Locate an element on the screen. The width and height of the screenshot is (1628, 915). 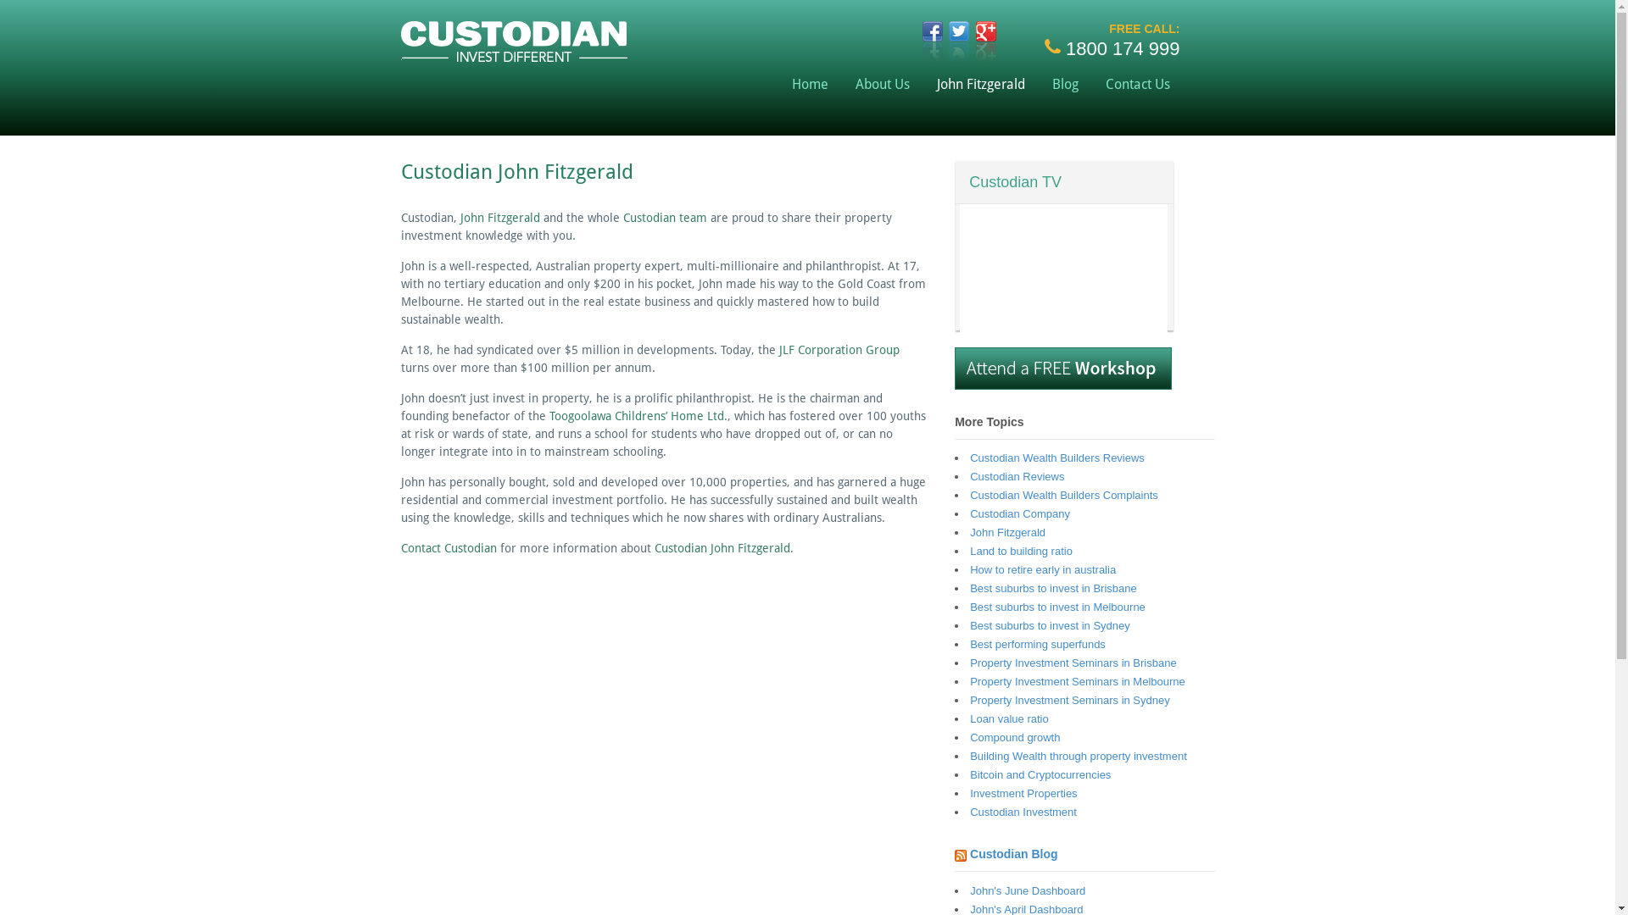
'Compound growth' is located at coordinates (969, 736).